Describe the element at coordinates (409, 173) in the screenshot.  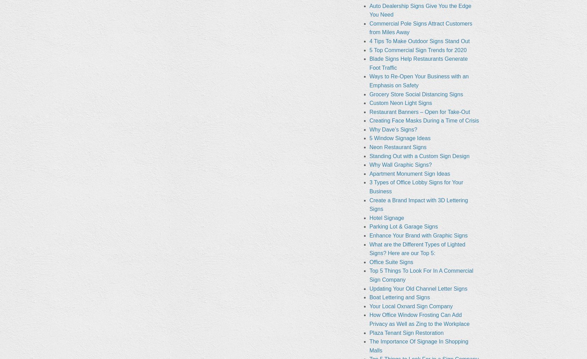
I see `'Apartment Monument Sign Ideas'` at that location.